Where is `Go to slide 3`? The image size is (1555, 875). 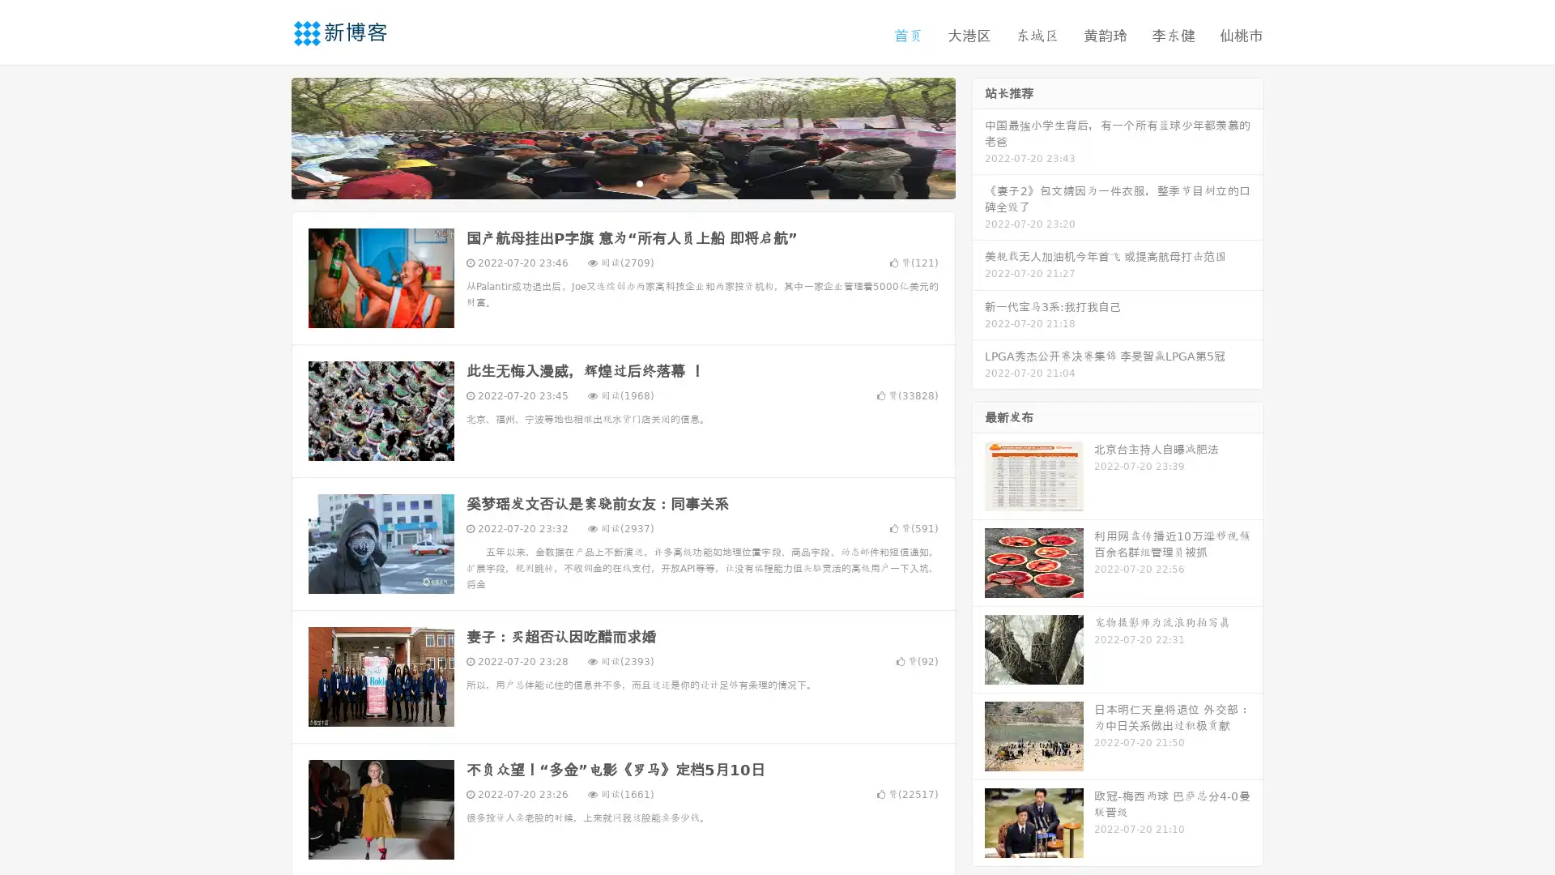 Go to slide 3 is located at coordinates (639, 182).